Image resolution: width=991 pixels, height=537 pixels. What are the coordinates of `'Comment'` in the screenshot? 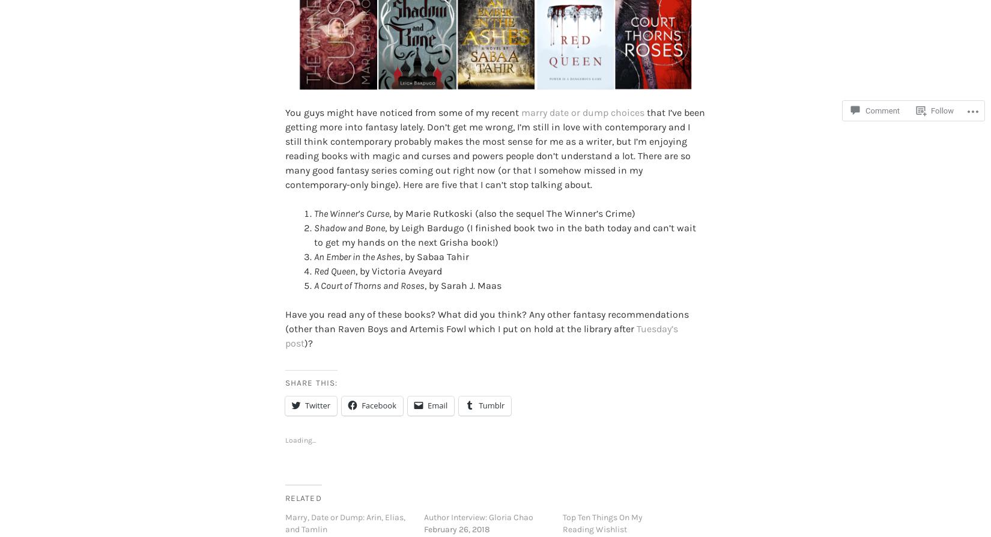 It's located at (882, 111).